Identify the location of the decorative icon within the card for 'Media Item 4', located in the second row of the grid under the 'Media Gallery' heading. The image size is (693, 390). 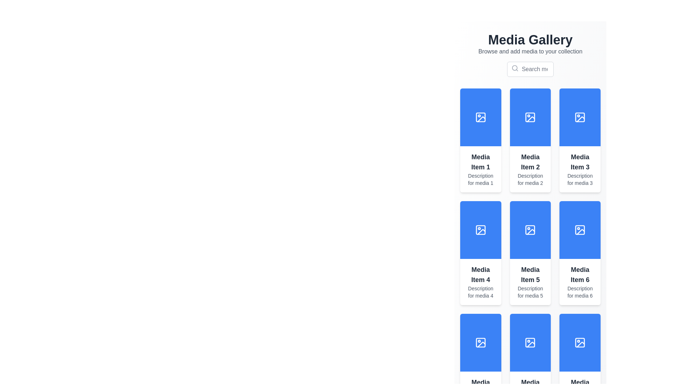
(480, 230).